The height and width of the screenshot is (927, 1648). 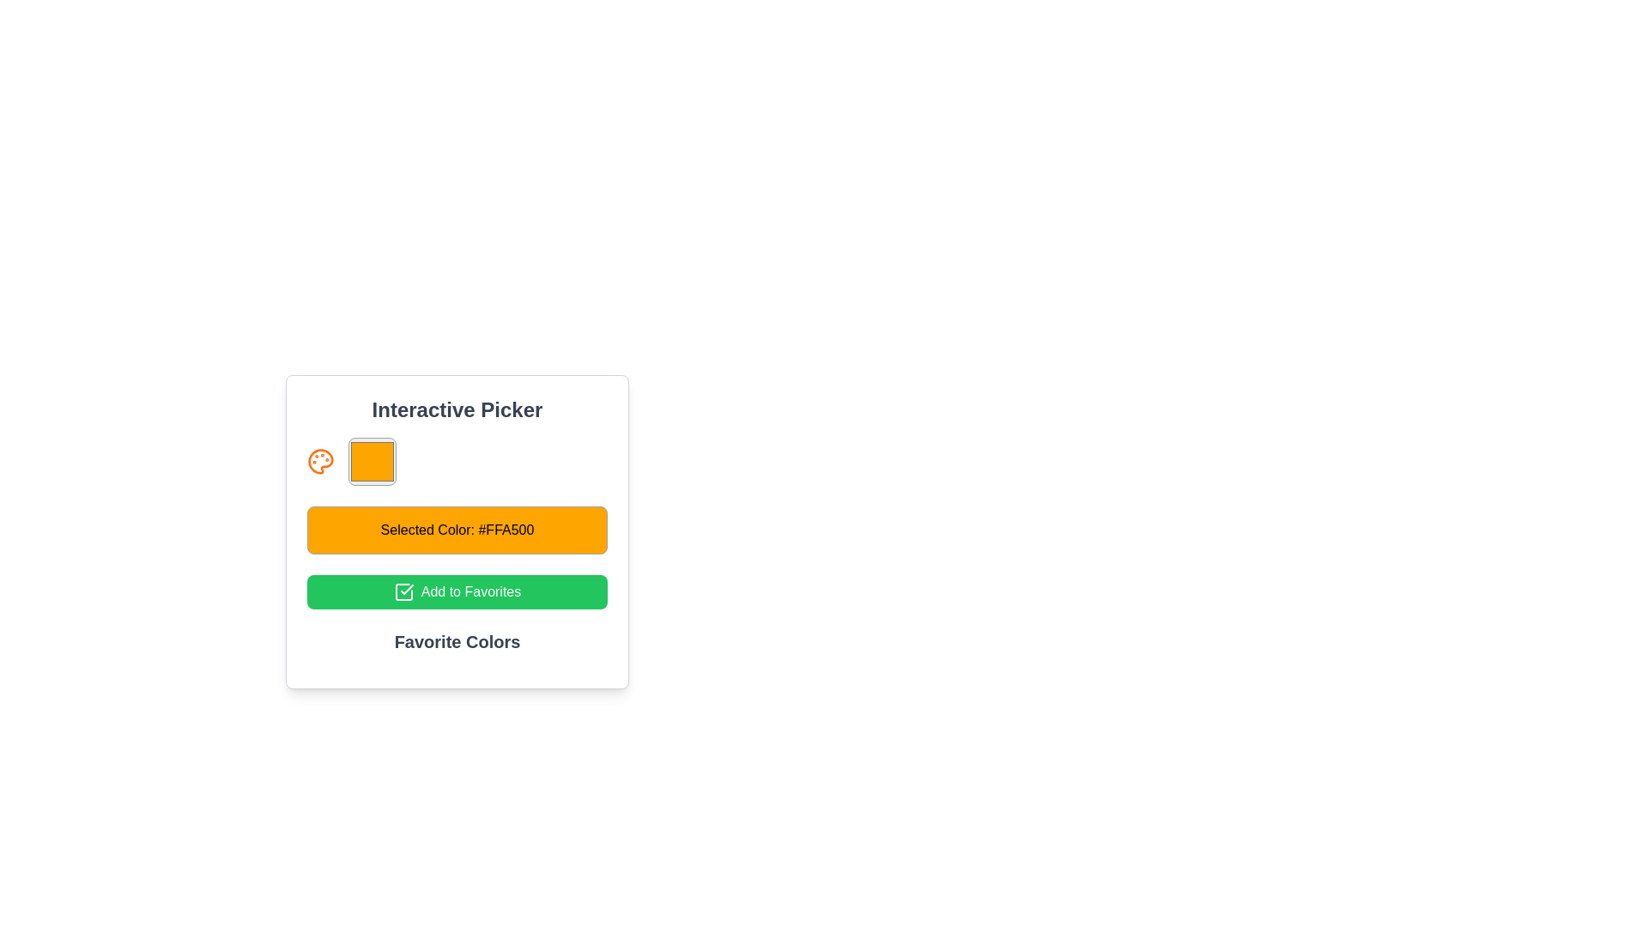 What do you see at coordinates (457, 529) in the screenshot?
I see `the color display label that shows the currently selected color in the color picker, located below the orange square and above the green 'Add to Favorites' button` at bounding box center [457, 529].